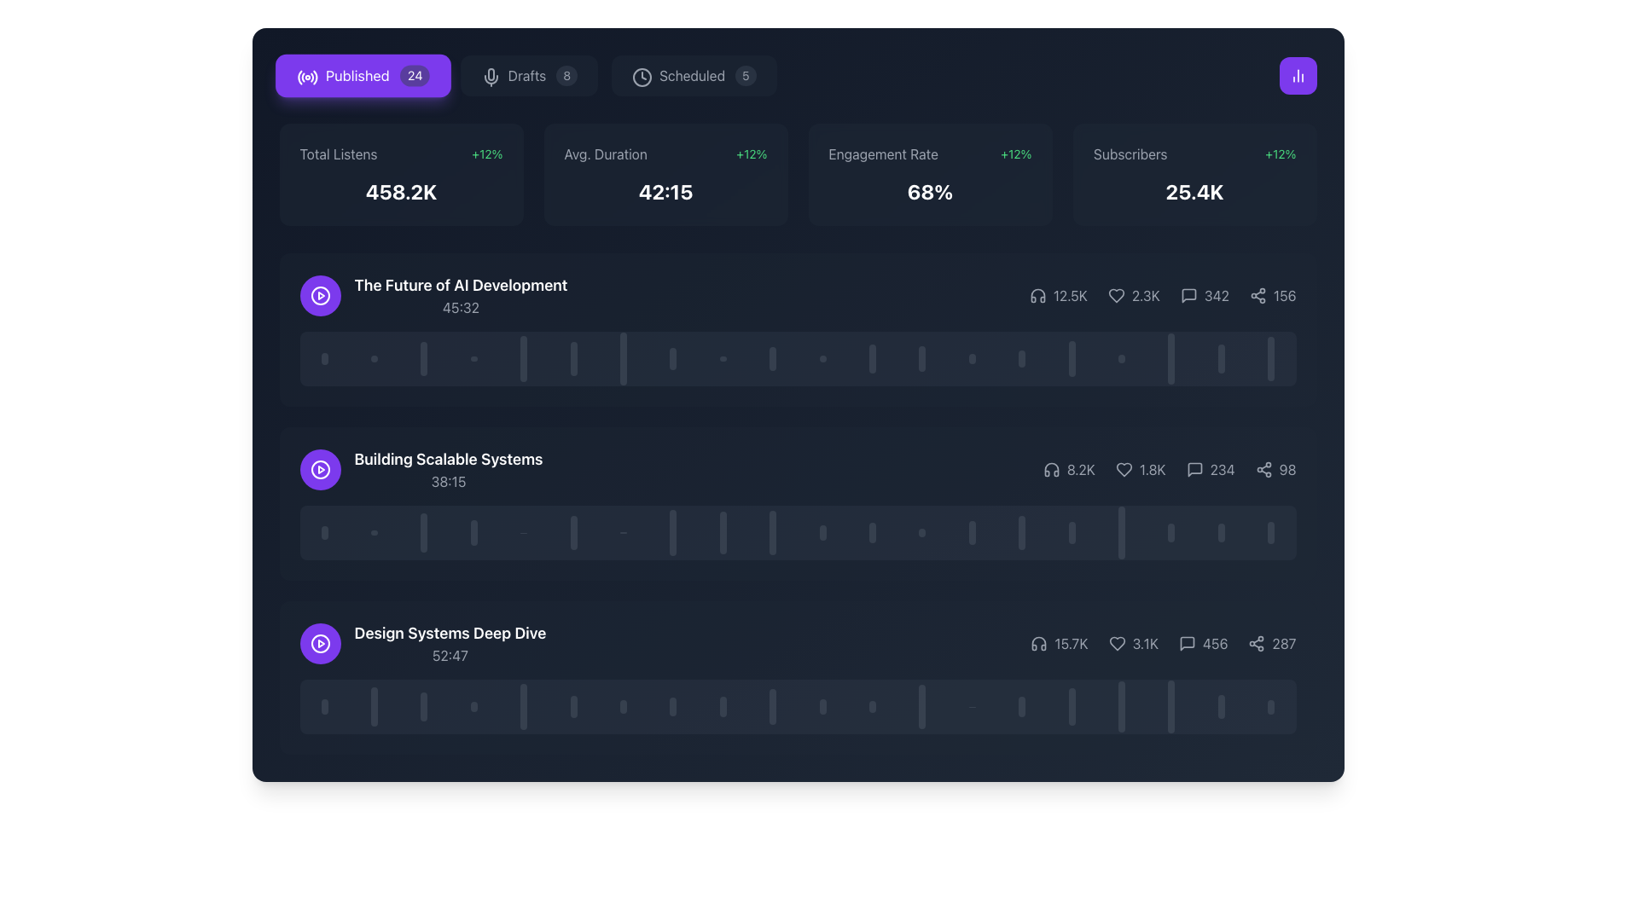  I want to click on the progress indicator component representing 'Design Systems Deep Dive', which is the second bar in the horizontal timeline, so click(374, 707).